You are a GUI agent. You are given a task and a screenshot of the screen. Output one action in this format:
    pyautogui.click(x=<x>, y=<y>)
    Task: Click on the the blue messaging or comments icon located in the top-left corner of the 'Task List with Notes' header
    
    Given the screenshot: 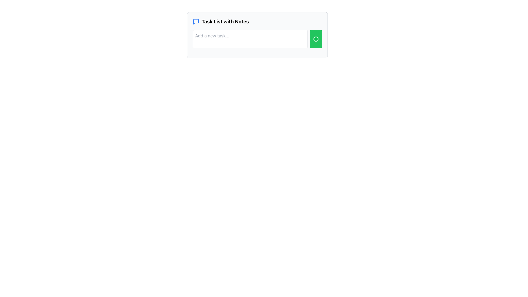 What is the action you would take?
    pyautogui.click(x=196, y=21)
    